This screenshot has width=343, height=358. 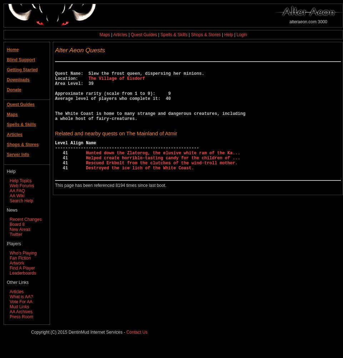 What do you see at coordinates (54, 101) in the screenshot?
I see `'Area Level:  39

Approximate rarity (scale from 1 to 9):     9
Average level of players who complete it:  40


The White Coast is home to many strange and dangerous creatures, including
a whole host of fairy-creatures.'` at bounding box center [54, 101].